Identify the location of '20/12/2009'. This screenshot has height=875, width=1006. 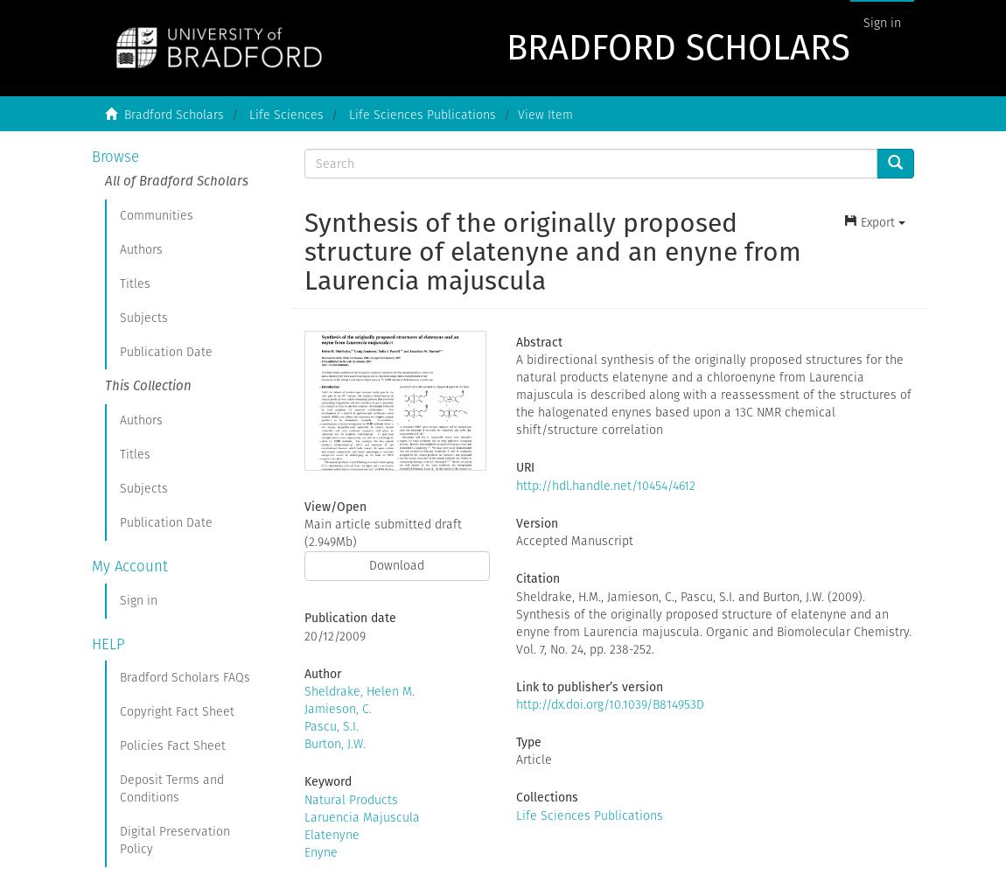
(334, 634).